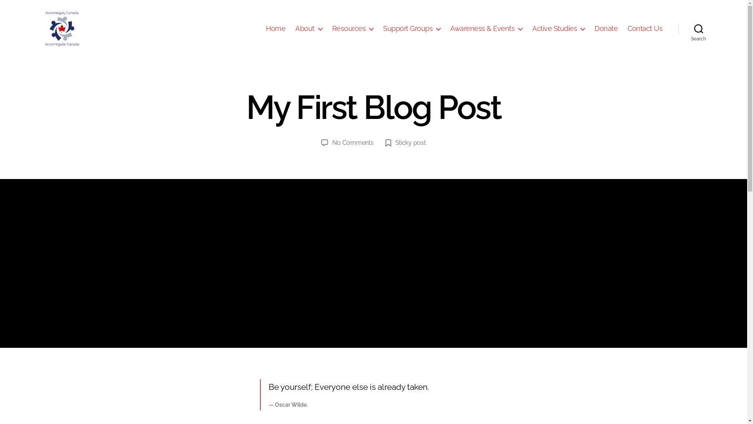  I want to click on 'Contact Us', so click(645, 28).